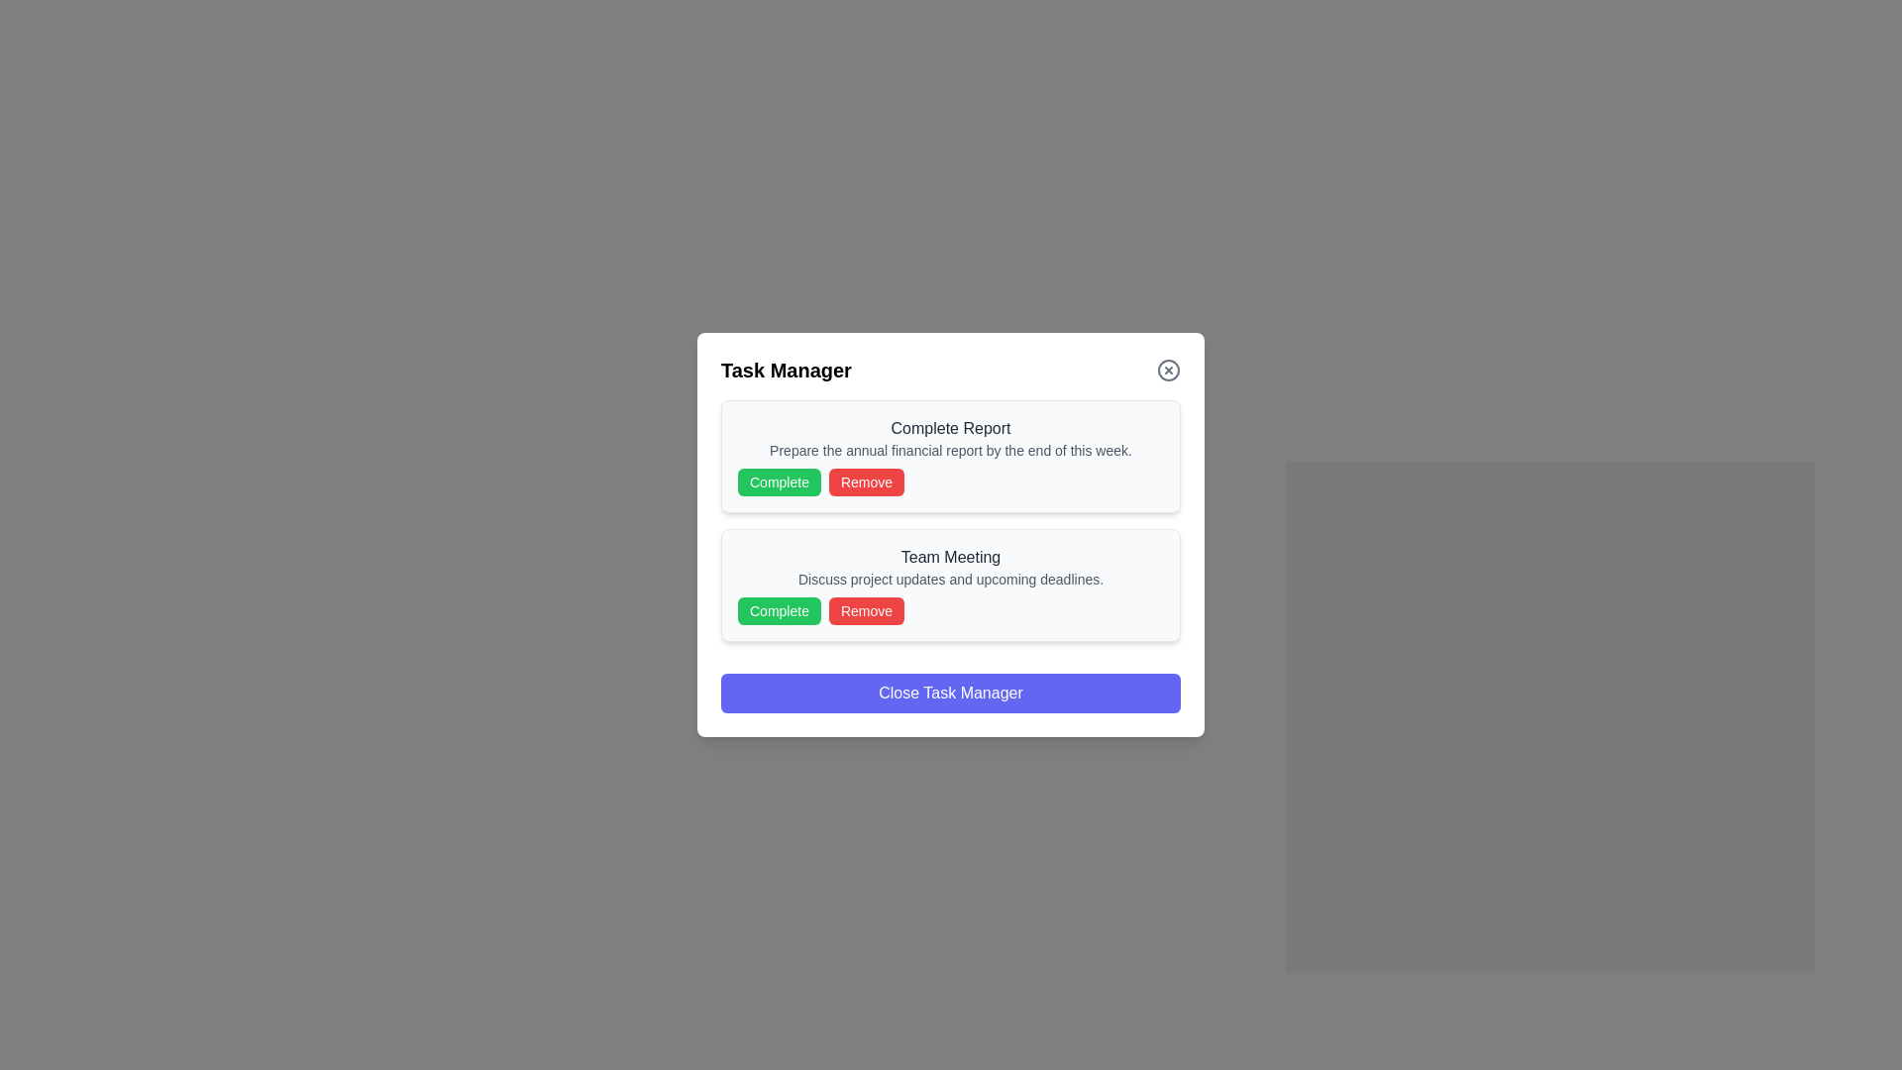 This screenshot has width=1902, height=1070. Describe the element at coordinates (785, 371) in the screenshot. I see `the header text 'Task Manager' which is styled in a bold and prominent font, located at the top left of the task management modal` at that location.